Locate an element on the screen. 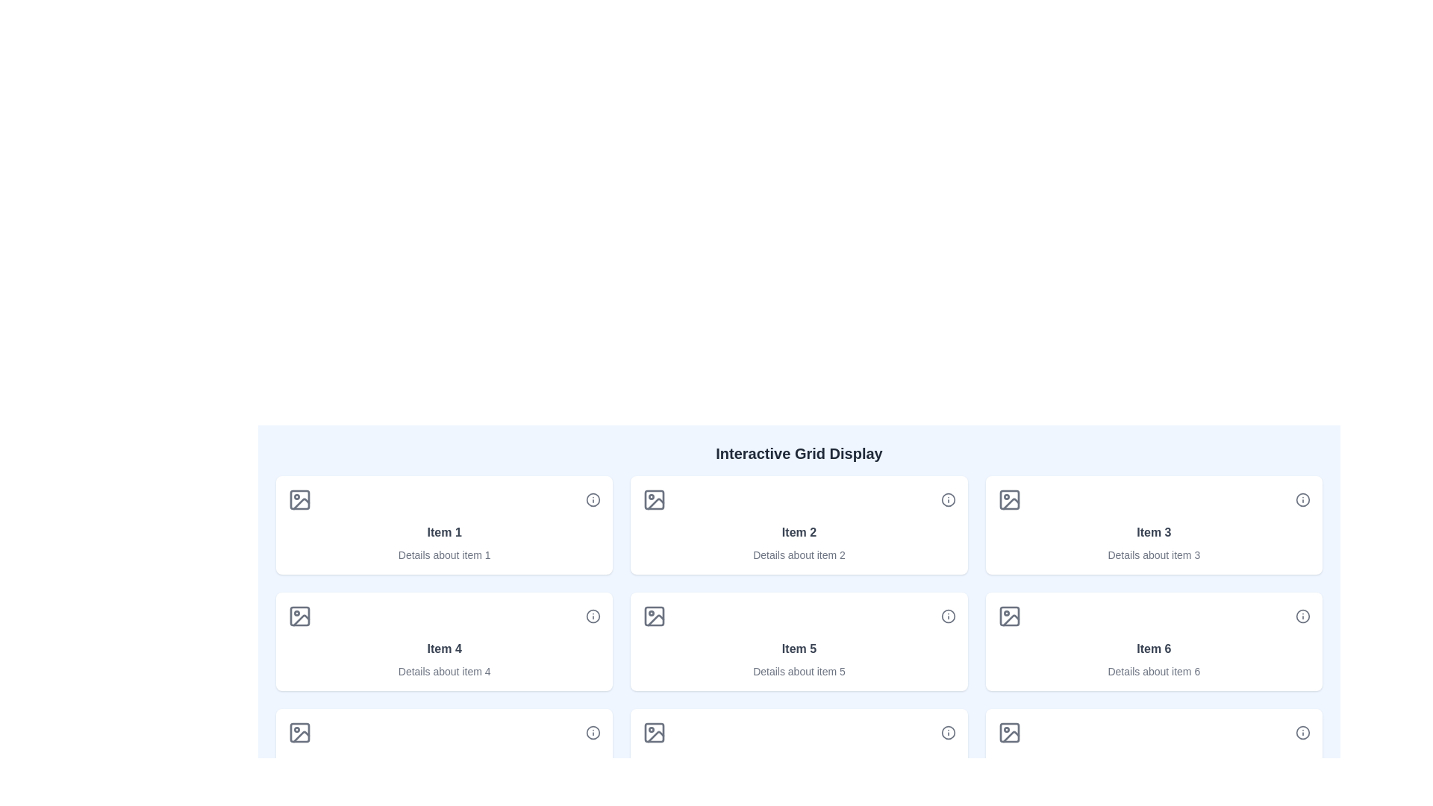  the SVG circle located at the bottom right corner of the grid layout, which has a stroke styling resembling an outline is located at coordinates (947, 732).